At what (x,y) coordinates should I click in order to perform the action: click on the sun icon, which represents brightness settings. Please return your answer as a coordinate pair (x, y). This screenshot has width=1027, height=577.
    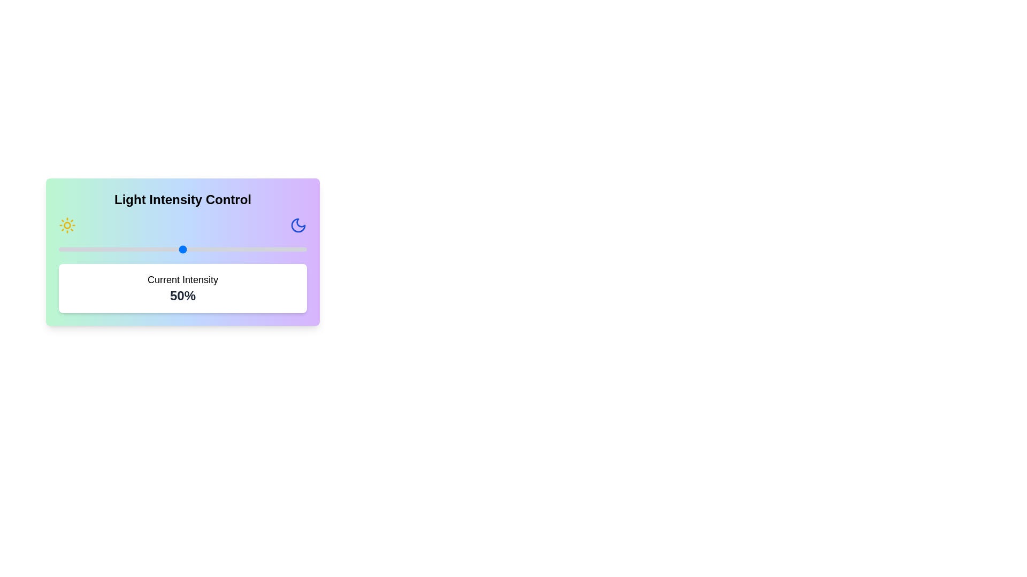
    Looking at the image, I should click on (66, 224).